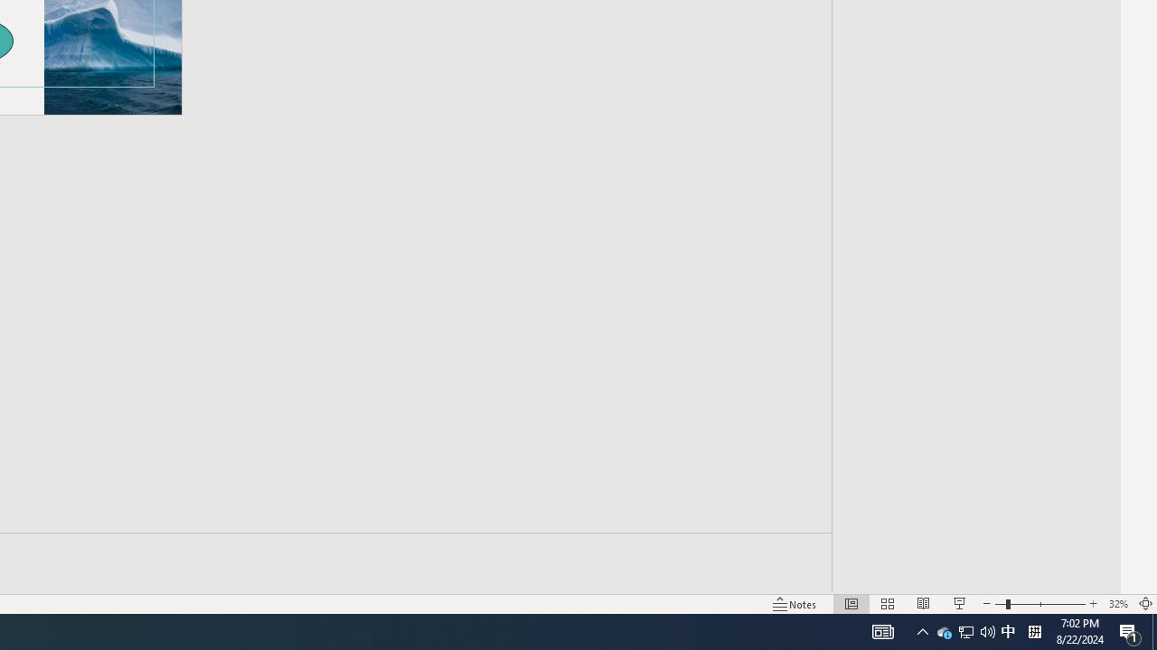  I want to click on 'Notes ', so click(795, 604).